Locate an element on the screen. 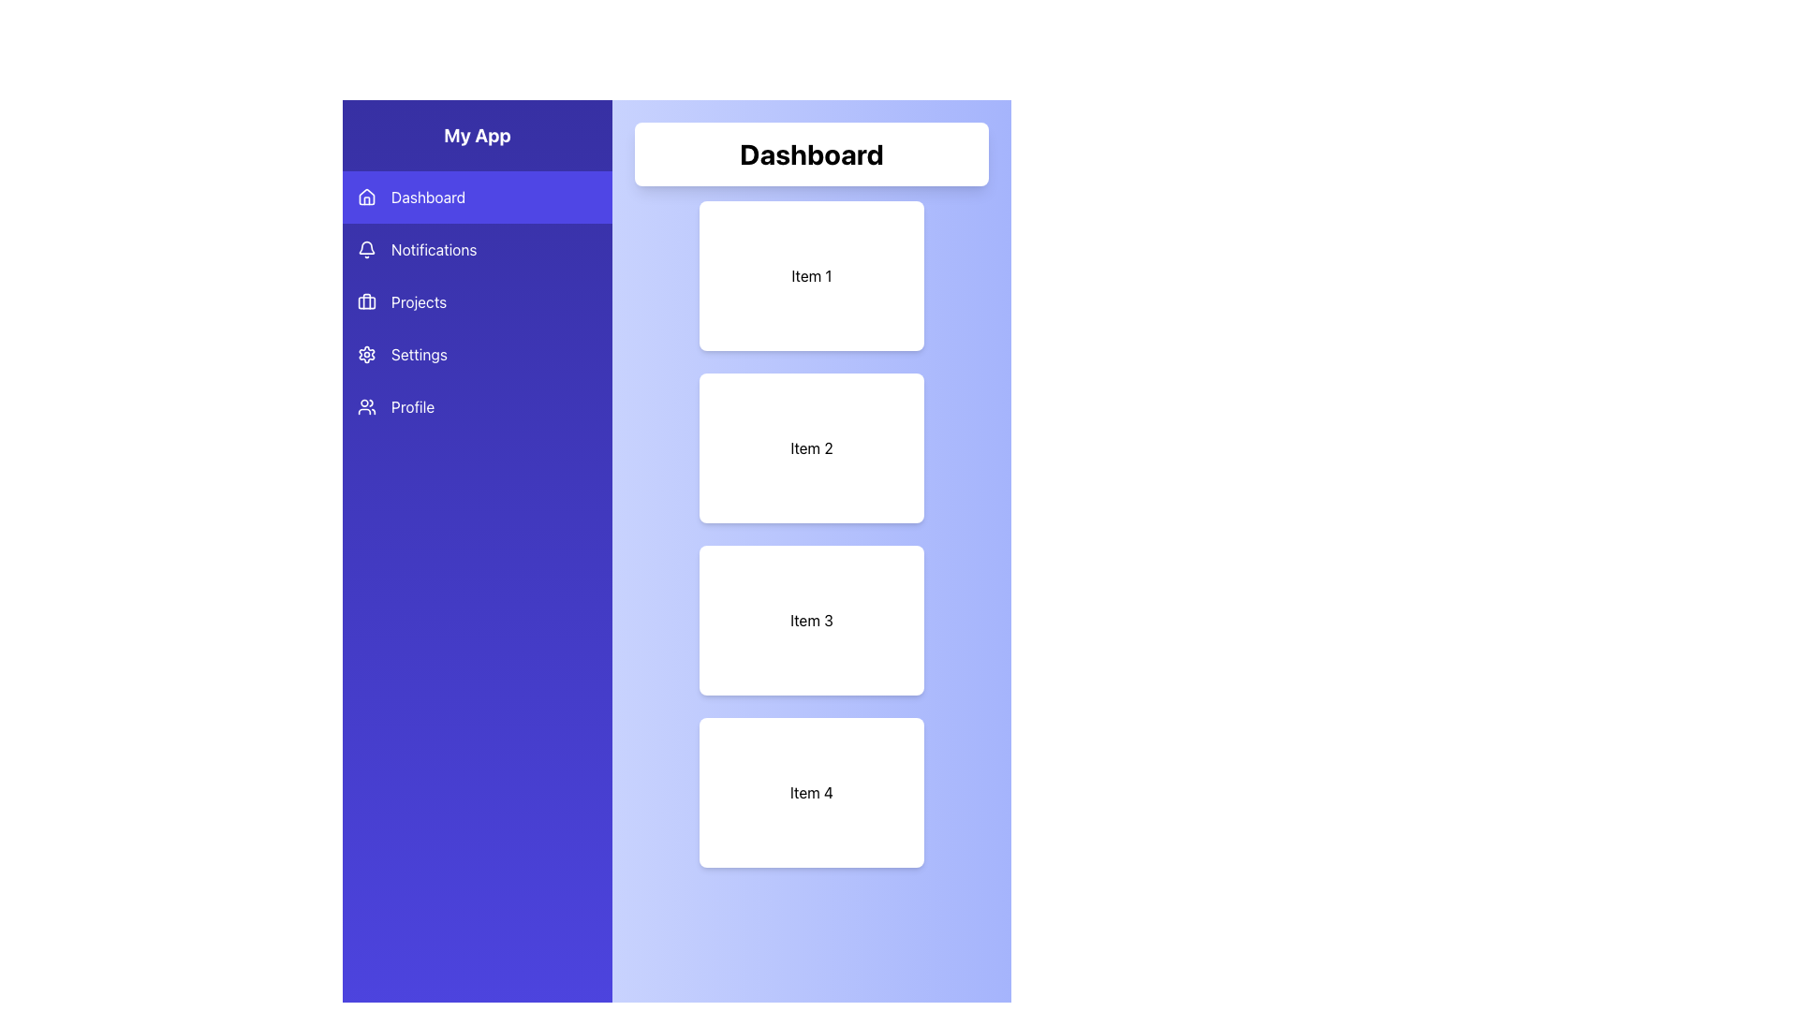 The image size is (1798, 1011). the notification icon located to the left of the 'Notifications' text in the sidebar menu is located at coordinates (367, 248).